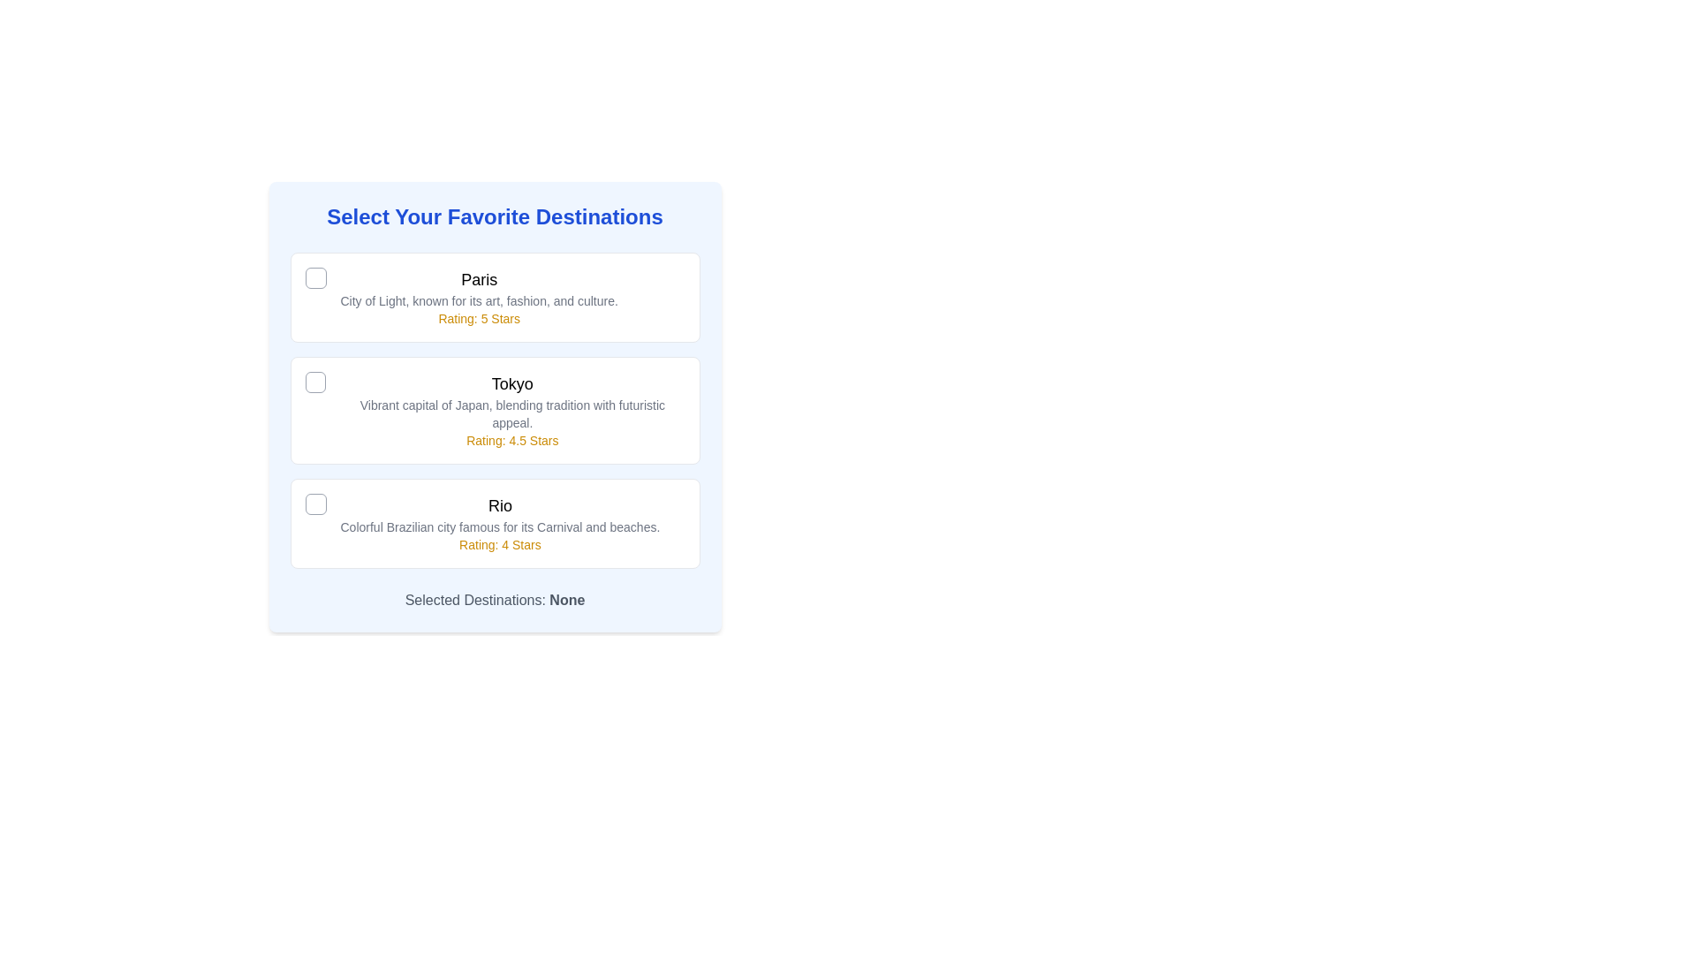  What do you see at coordinates (479, 299) in the screenshot?
I see `the static text element that provides descriptive information about Paris, which is located directly below the main title 'Paris' and above the rating 'Rating: 5 Stars'` at bounding box center [479, 299].